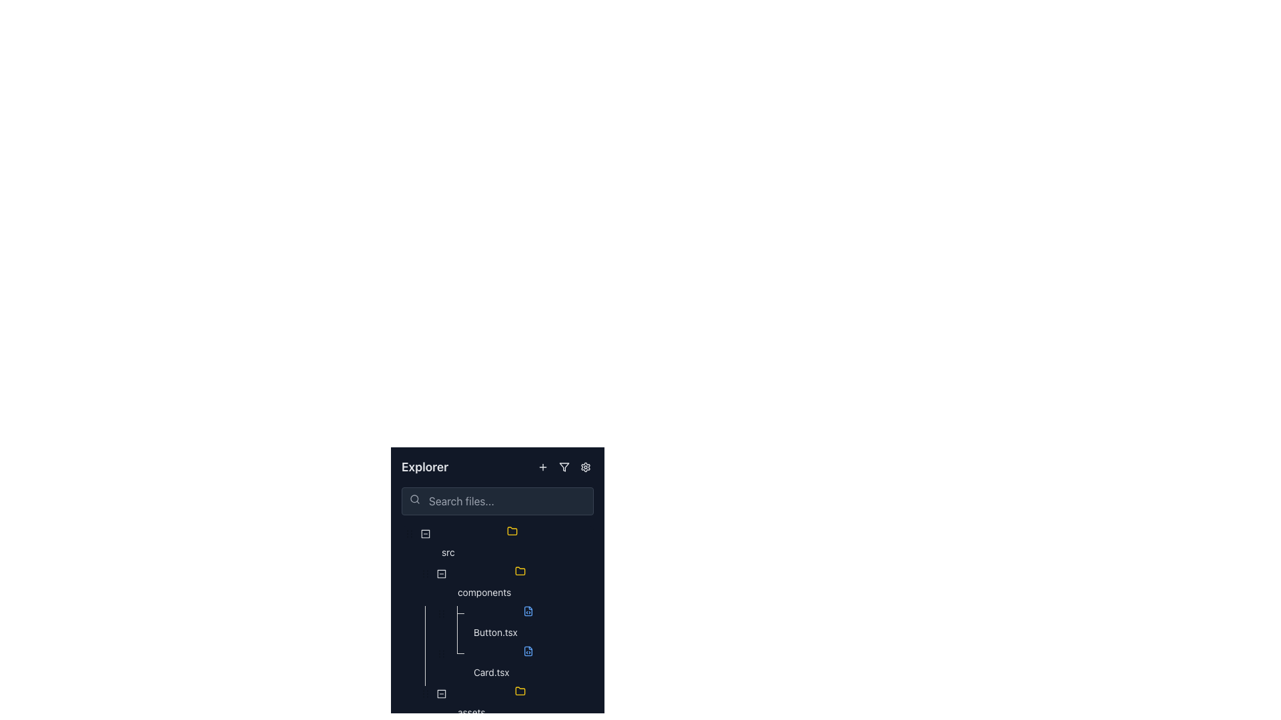 Image resolution: width=1281 pixels, height=720 pixels. What do you see at coordinates (442, 583) in the screenshot?
I see `the Tree collapse/expand toggle icon, which resembles a minus symbol enclosed within a square, located near the left side of the hierarchical file tree view above the 'components' folder` at bounding box center [442, 583].